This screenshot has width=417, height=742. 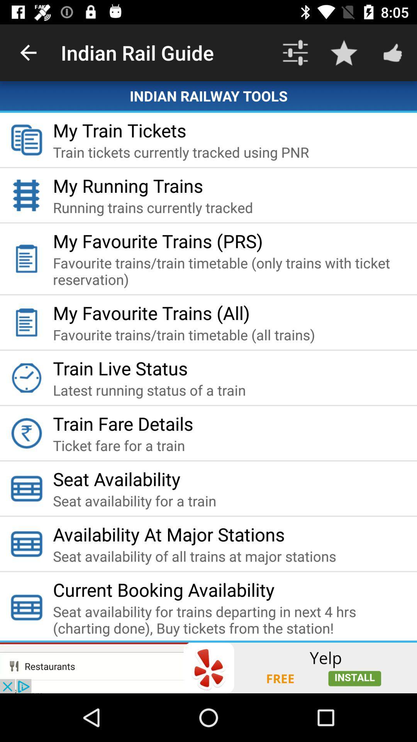 What do you see at coordinates (208, 667) in the screenshot?
I see `install yelp` at bounding box center [208, 667].